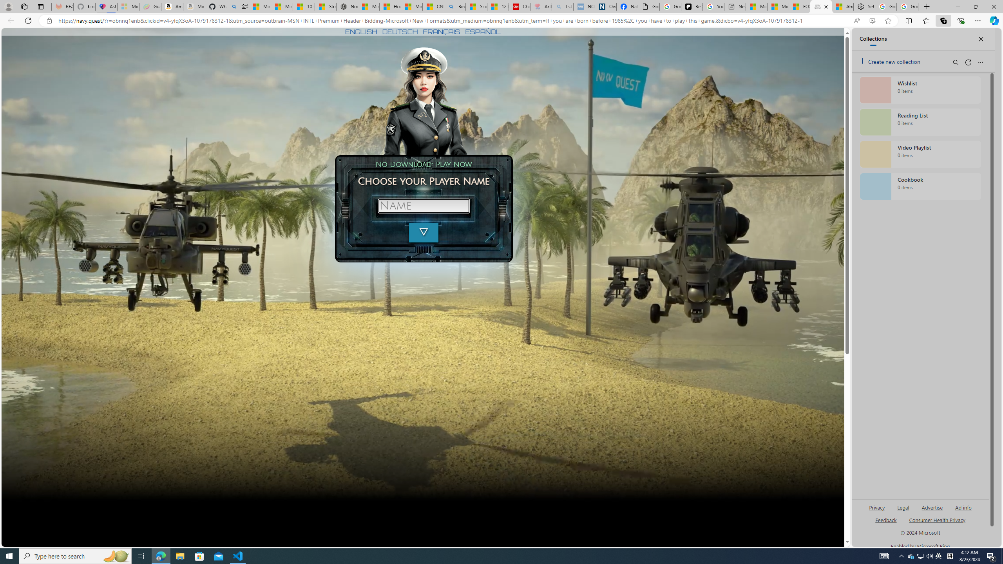 This screenshot has height=564, width=1003. I want to click on 'Personal Profile', so click(8, 6).